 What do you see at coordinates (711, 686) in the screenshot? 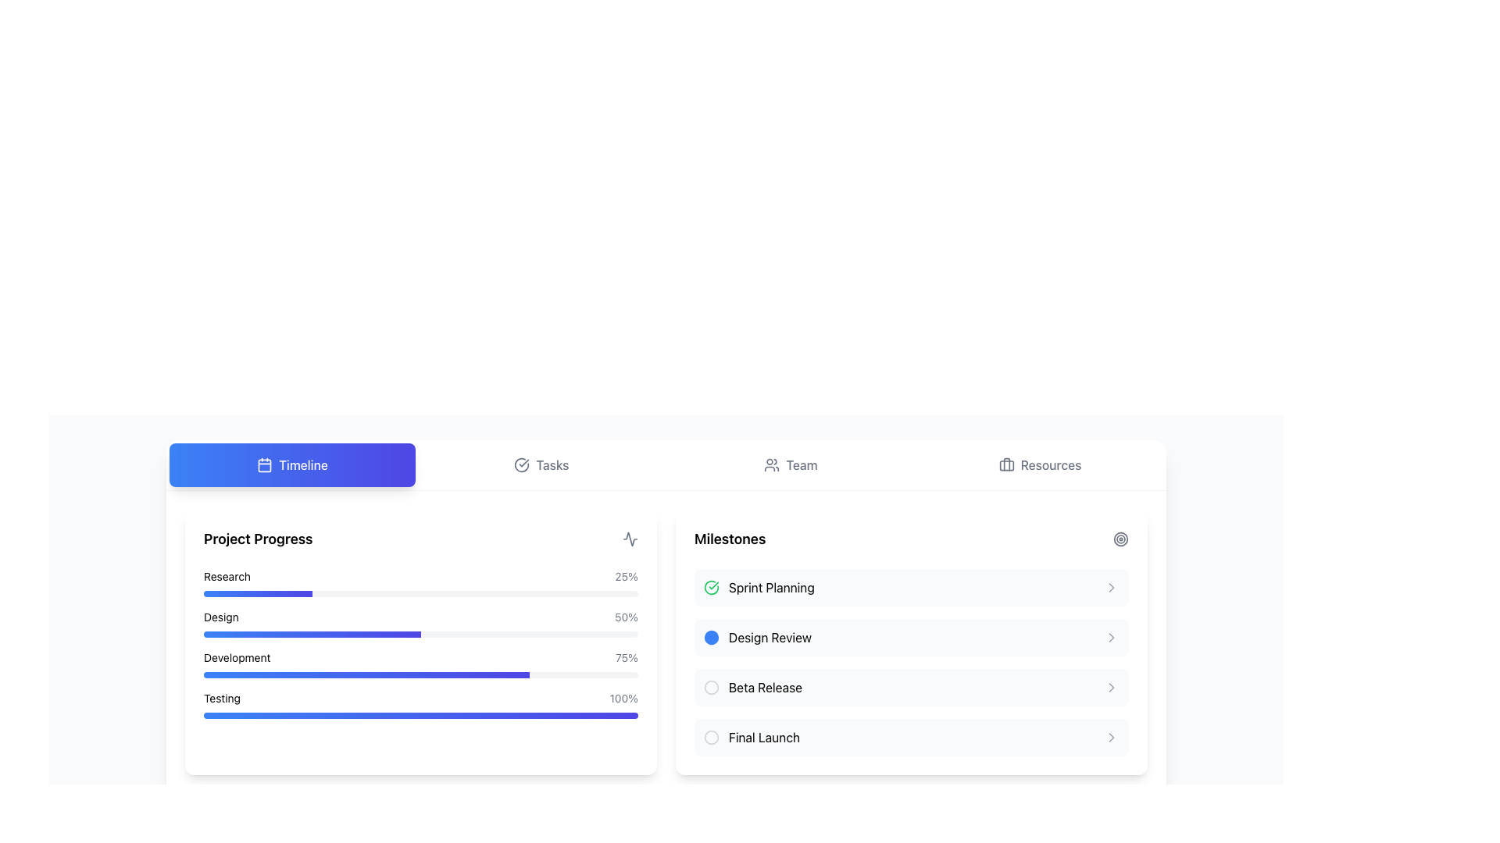
I see `the appearance of the status icon associated with the 'Beta Release' milestone located in the 'Milestones' section of the interface` at bounding box center [711, 686].